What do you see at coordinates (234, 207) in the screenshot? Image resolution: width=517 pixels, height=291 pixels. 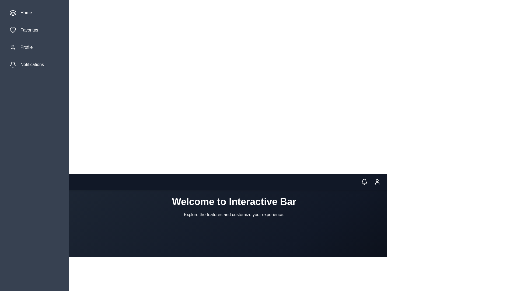 I see `the welcome text area by clicking its center` at bounding box center [234, 207].